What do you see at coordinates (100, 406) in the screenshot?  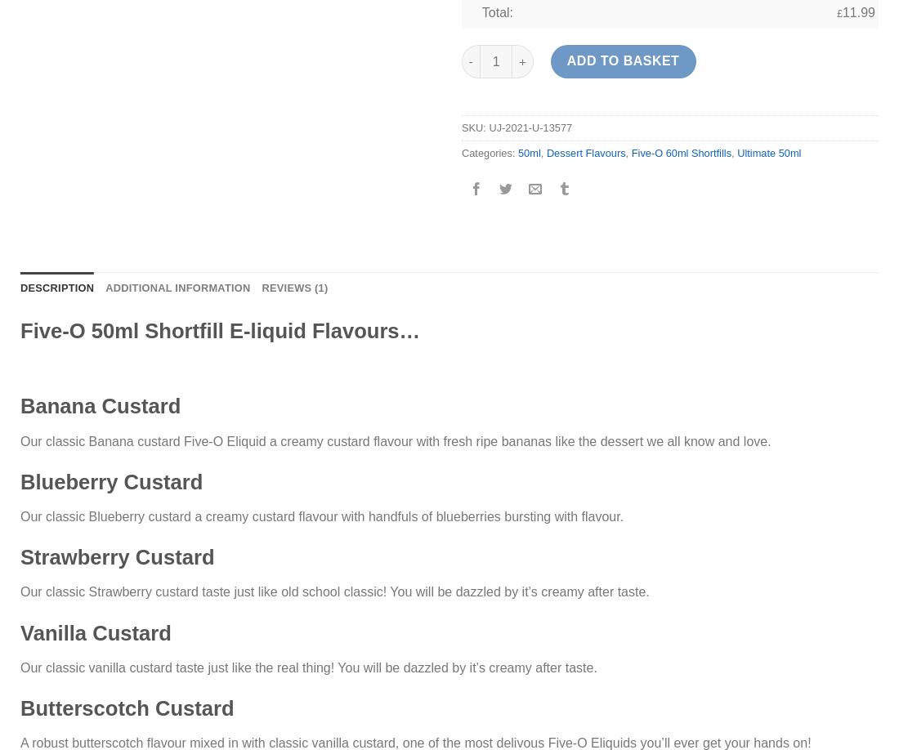 I see `'Banana Custard'` at bounding box center [100, 406].